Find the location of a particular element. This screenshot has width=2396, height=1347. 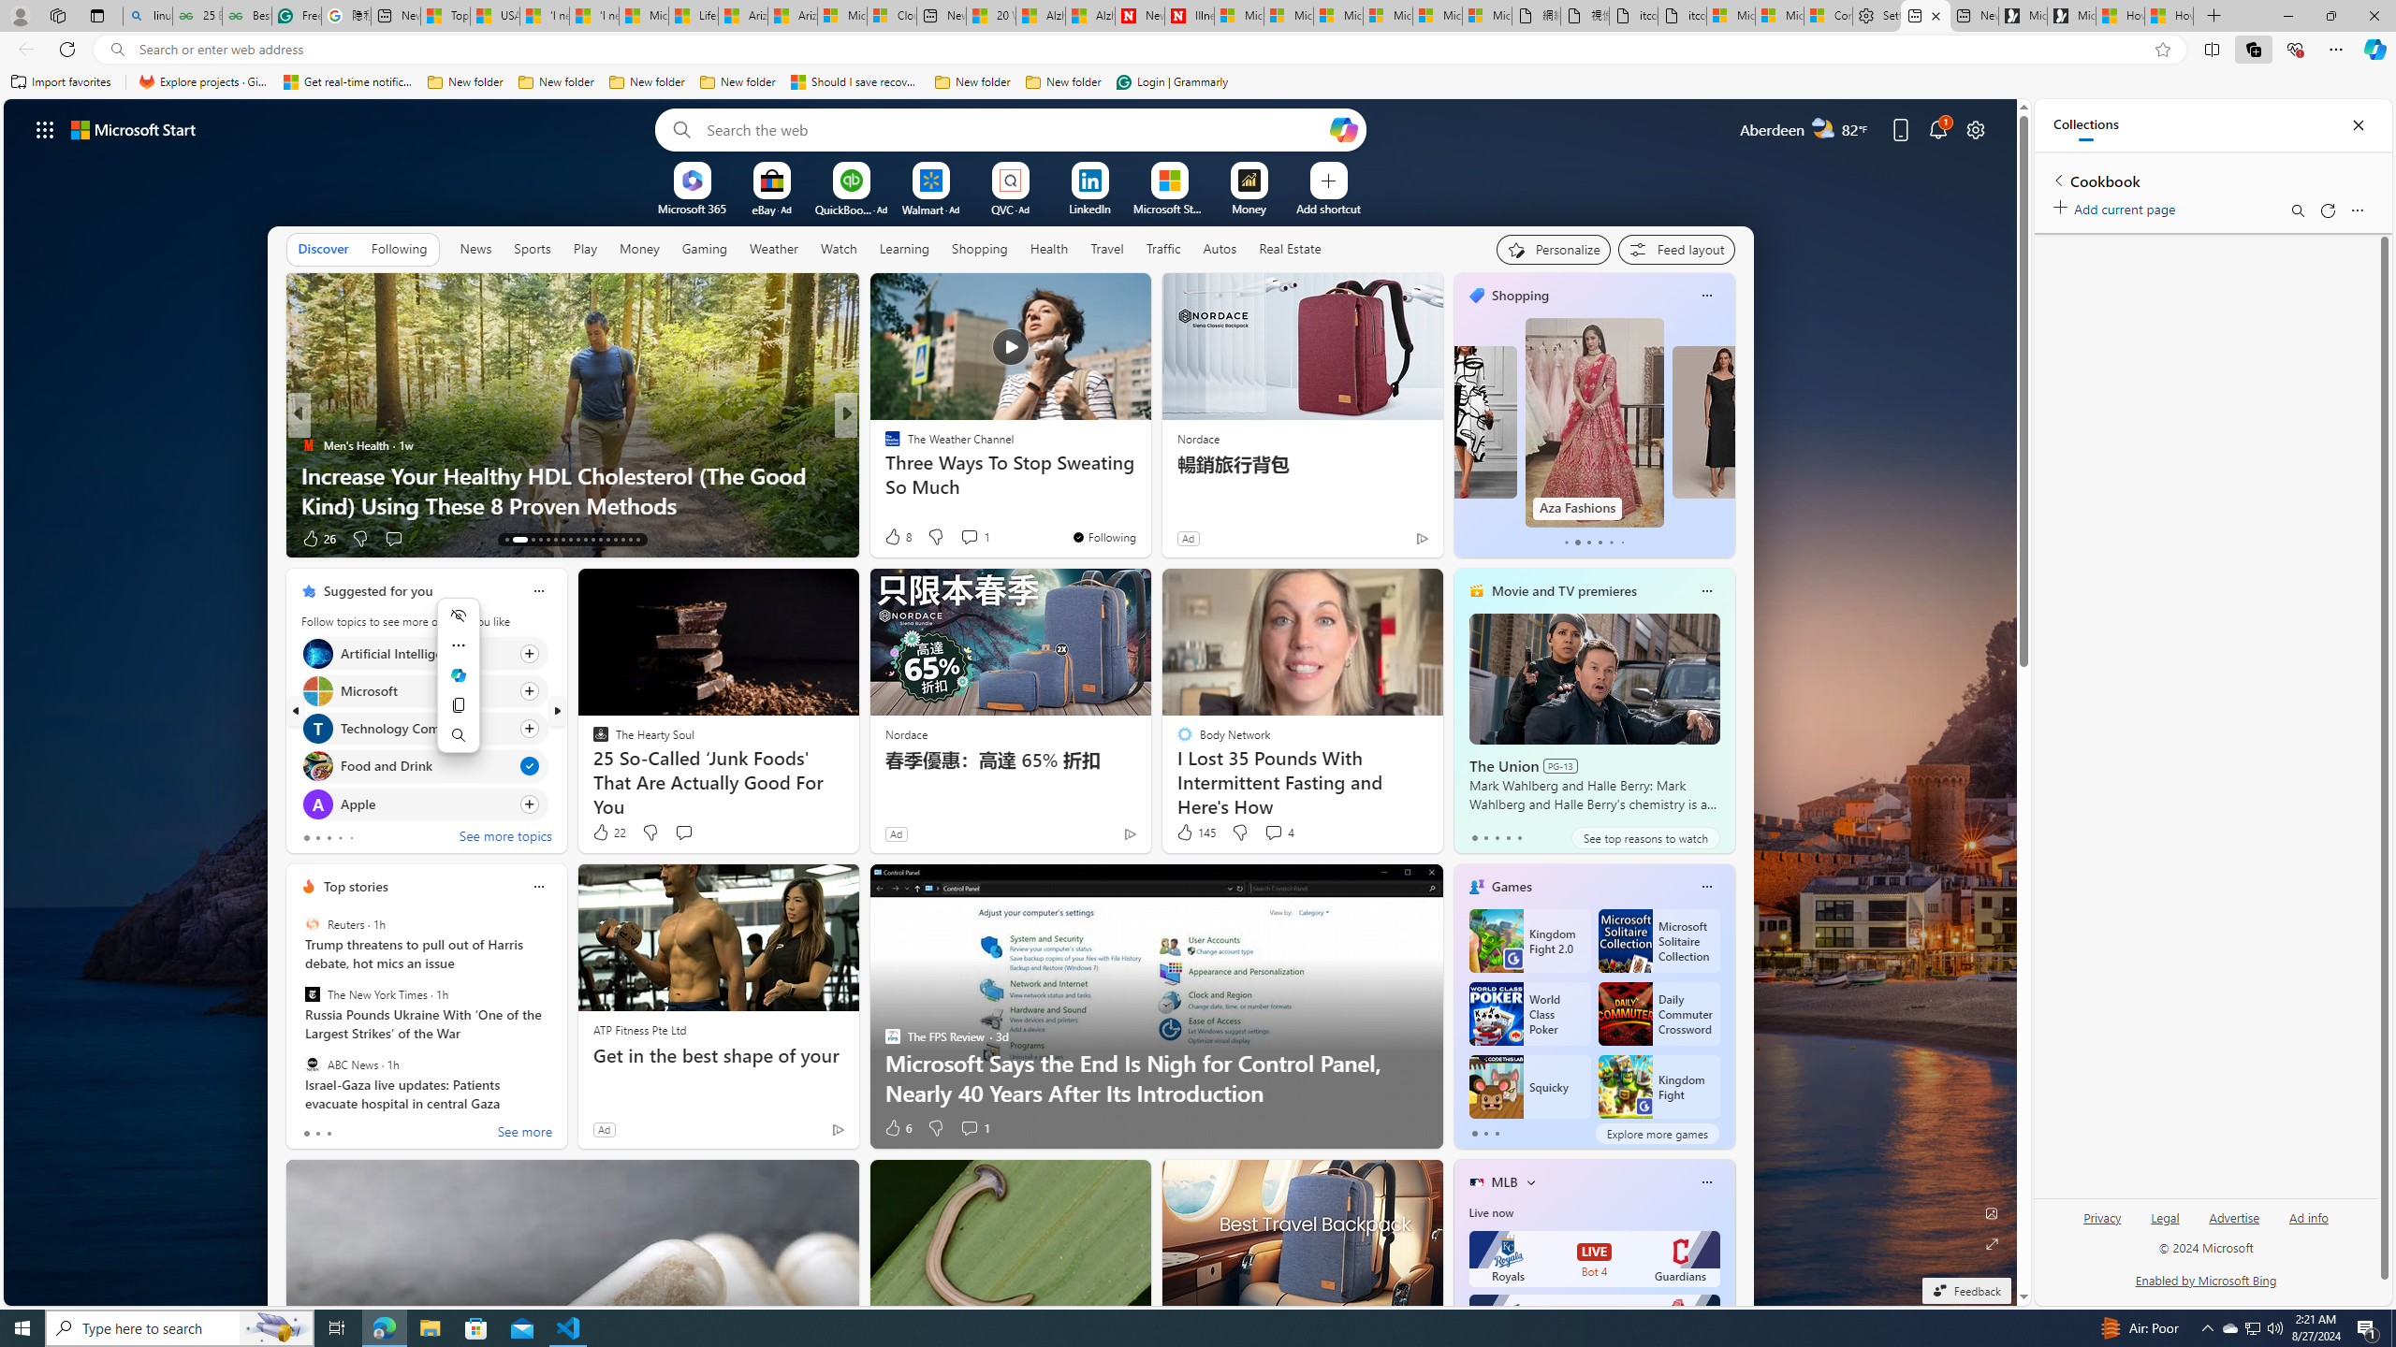

'AutomationID: tab-22' is located at coordinates (584, 540).